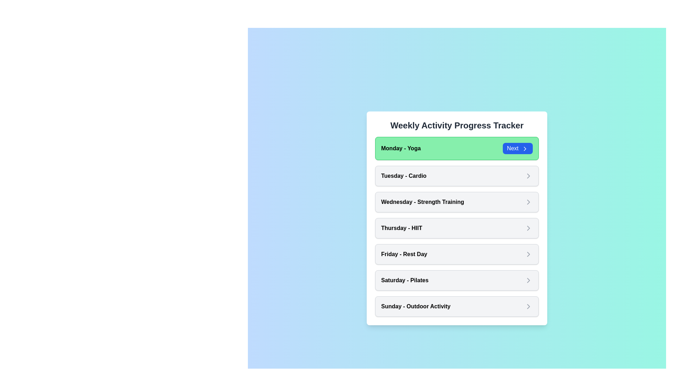 The image size is (677, 381). Describe the element at coordinates (457, 280) in the screenshot. I see `the sixth card representing 'Saturday - Pilates' in the weekly schedule, positioned between 'Friday - Rest Day' and 'Sunday - Outdoor Activity'` at that location.